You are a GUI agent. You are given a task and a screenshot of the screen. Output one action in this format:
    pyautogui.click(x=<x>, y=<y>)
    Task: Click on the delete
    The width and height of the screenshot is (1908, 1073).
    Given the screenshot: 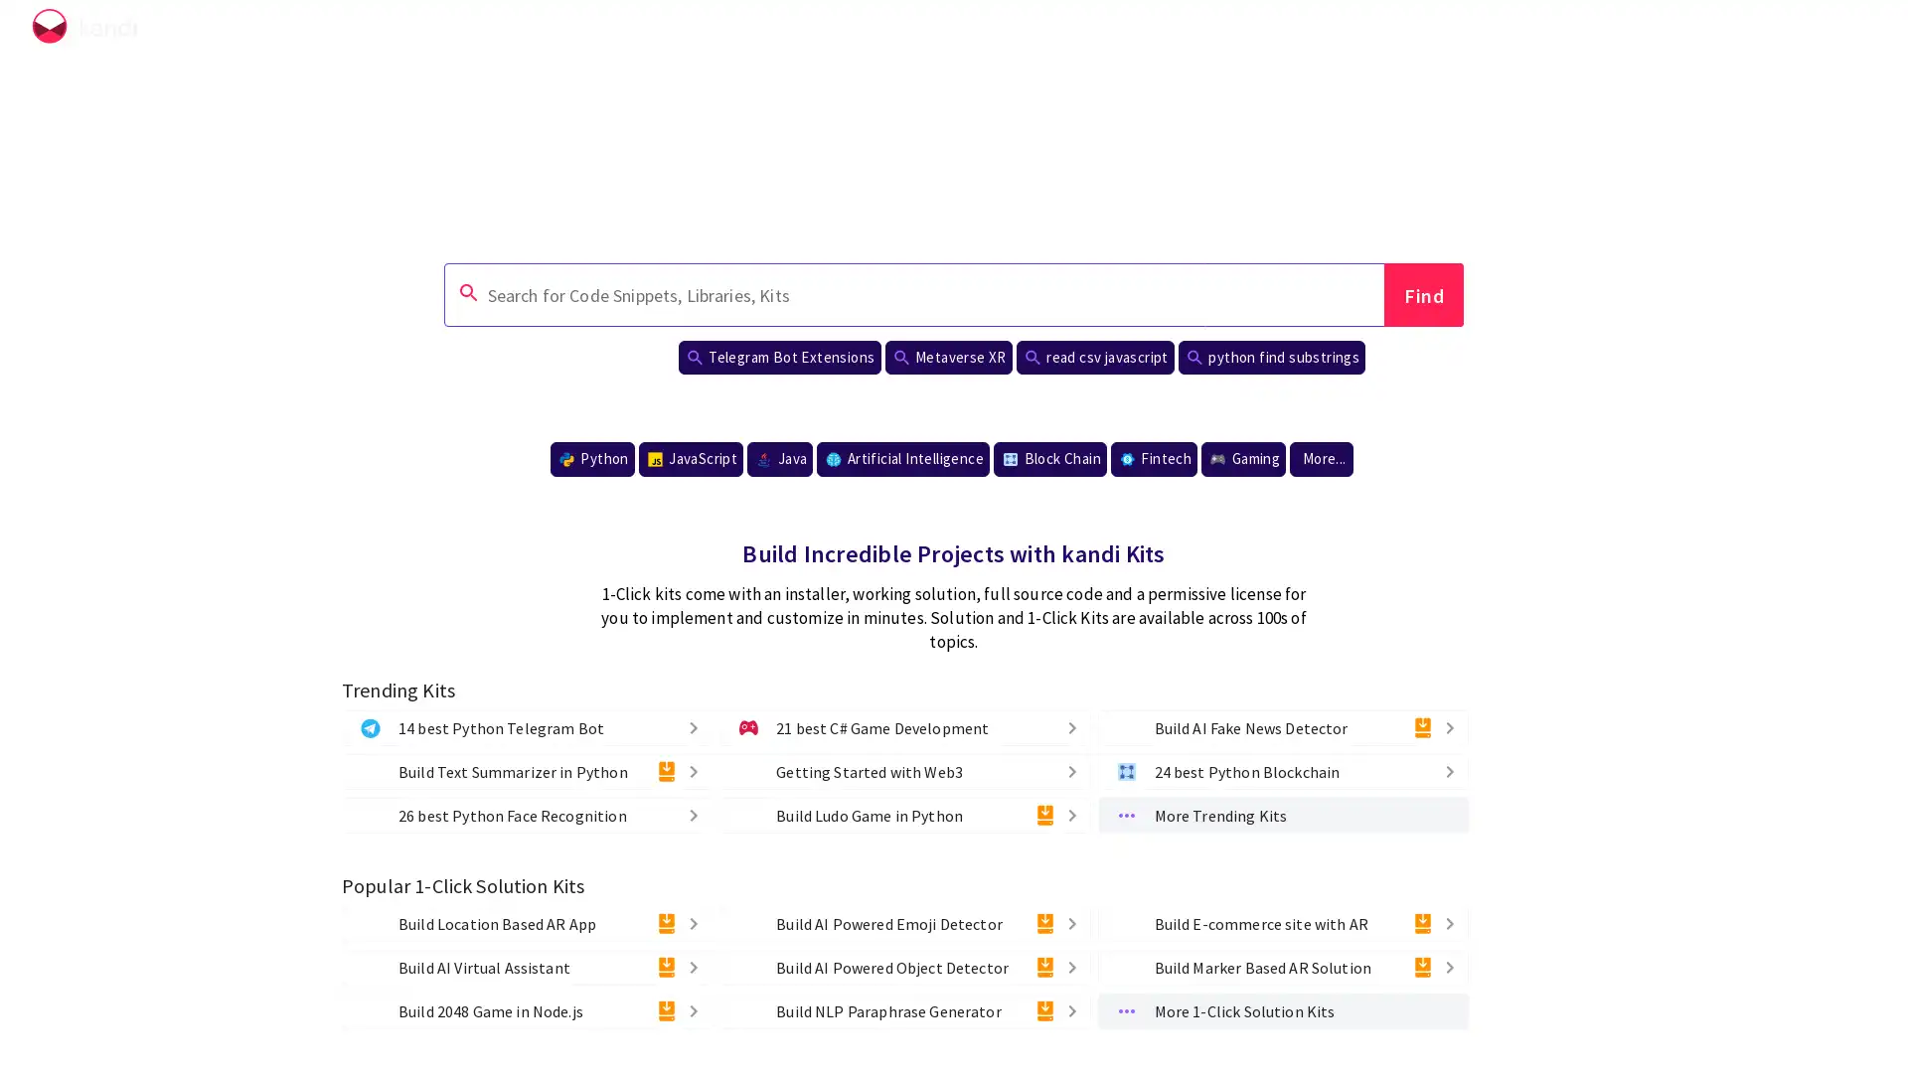 What is the action you would take?
    pyautogui.click(x=1054, y=769)
    